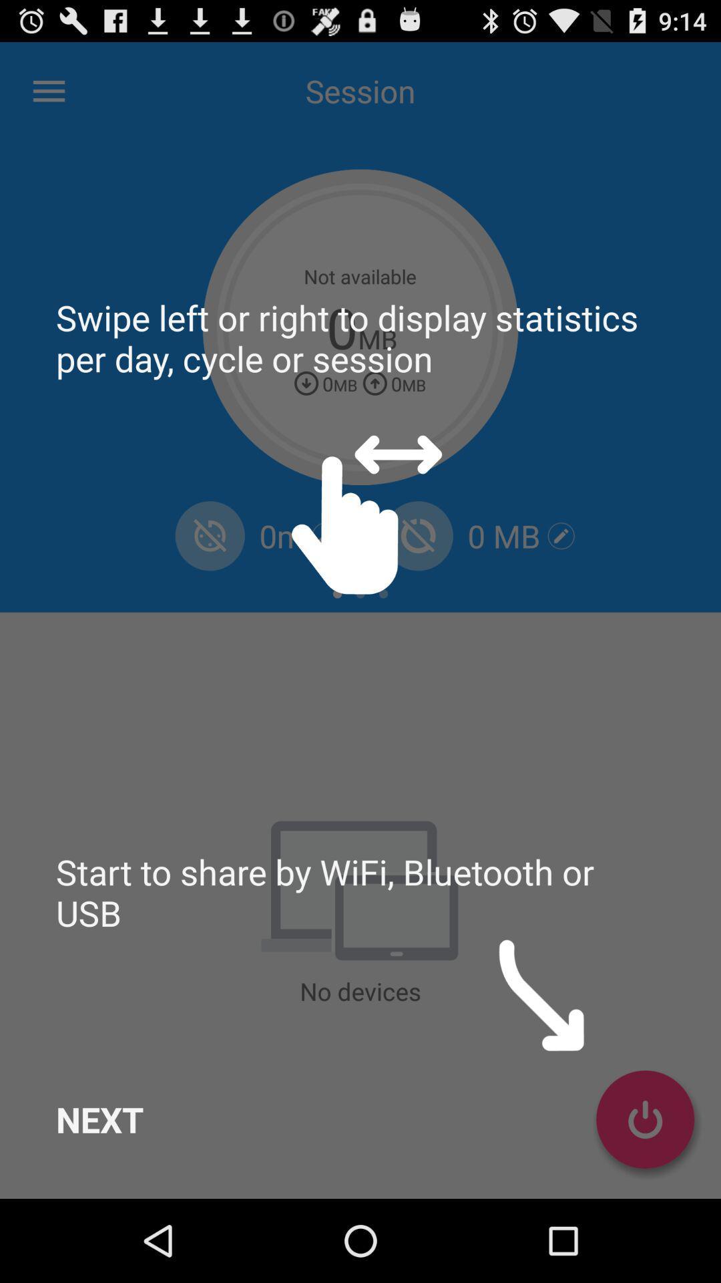 The height and width of the screenshot is (1283, 721). I want to click on next item, so click(99, 1119).